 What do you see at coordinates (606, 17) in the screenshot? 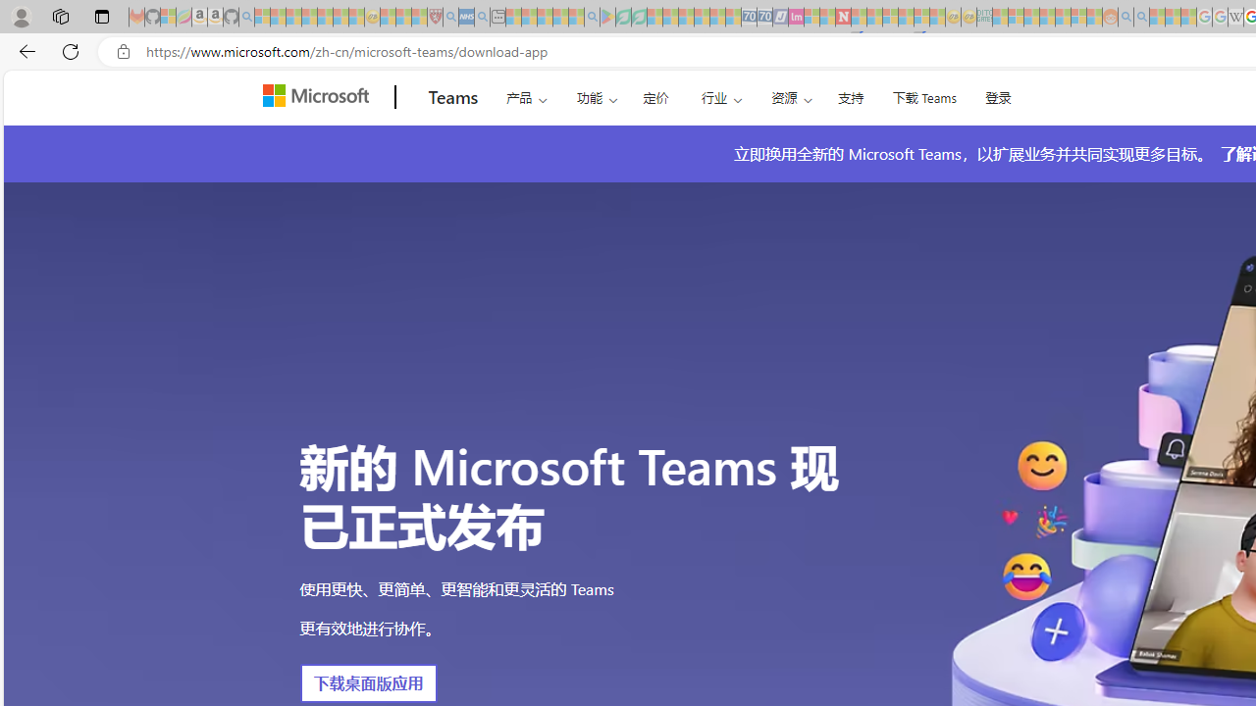
I see `'Bluey: Let'` at bounding box center [606, 17].